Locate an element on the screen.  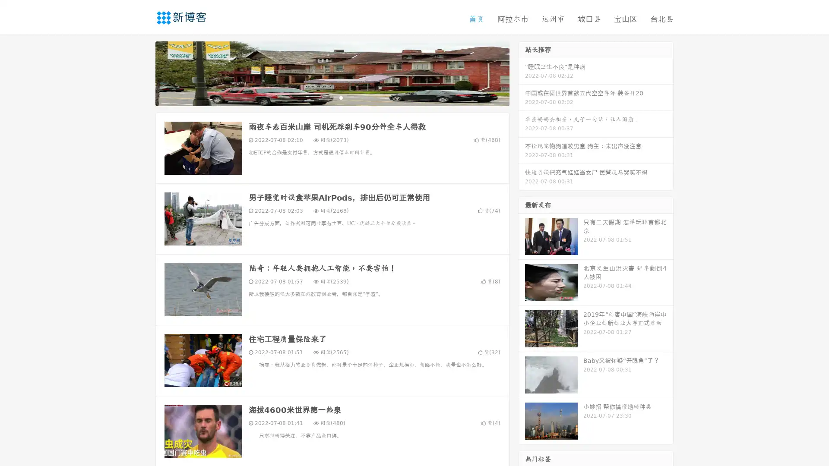
Go to slide 1 is located at coordinates (323, 97).